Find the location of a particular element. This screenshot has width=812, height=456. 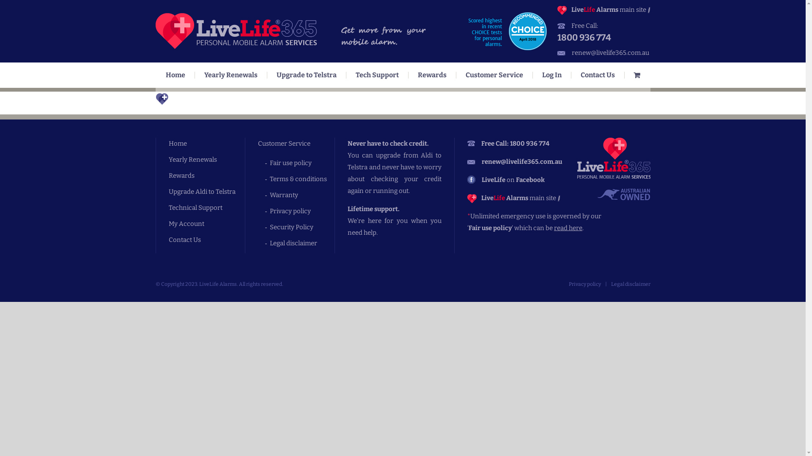

'Security Policy' is located at coordinates (302, 226).